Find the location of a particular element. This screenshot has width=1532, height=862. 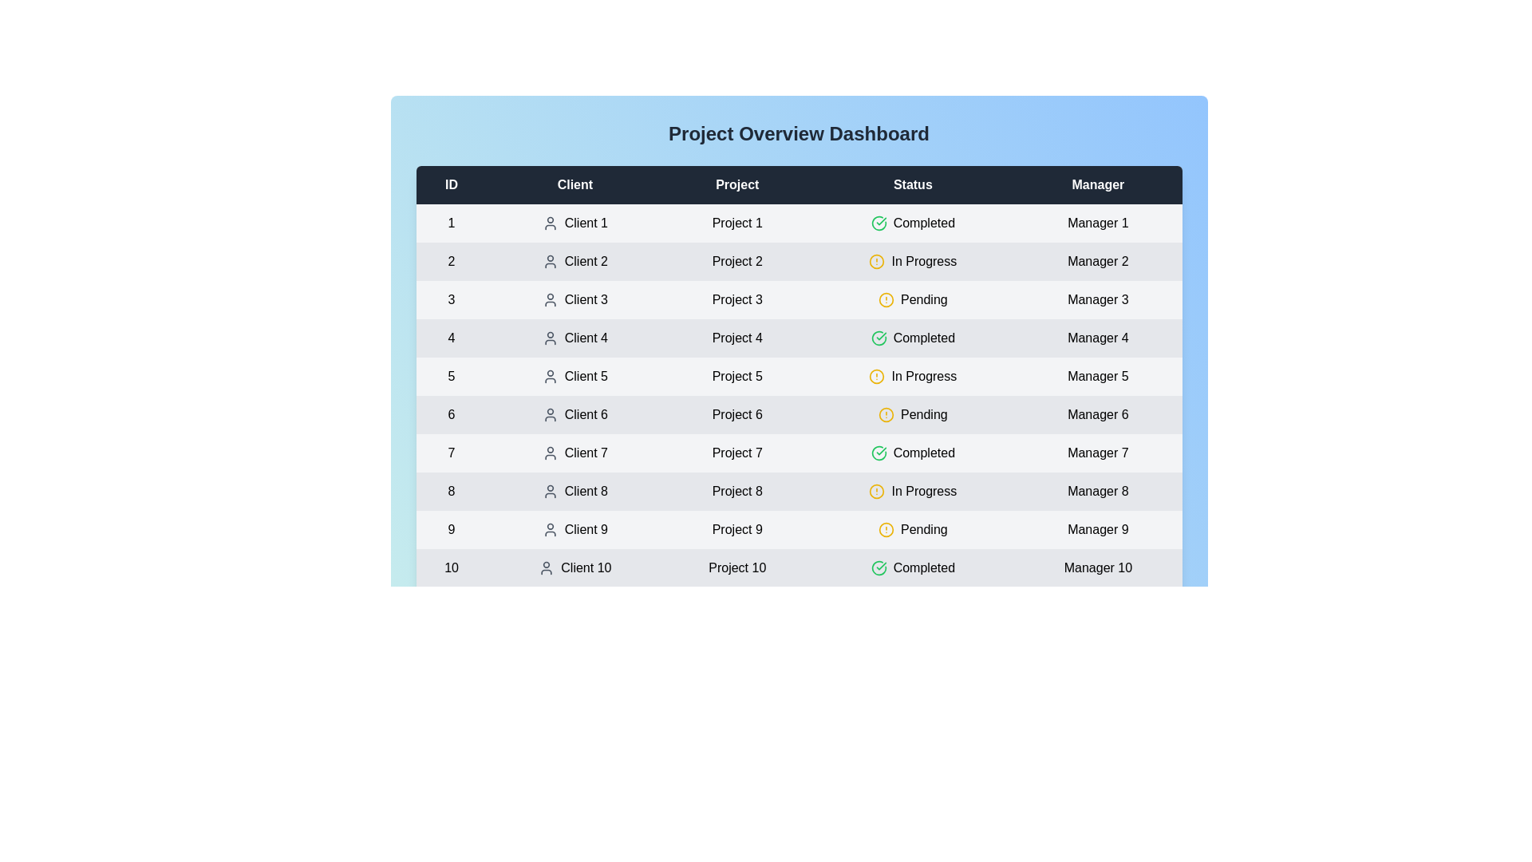

the table header Status to sort the column is located at coordinates (913, 184).